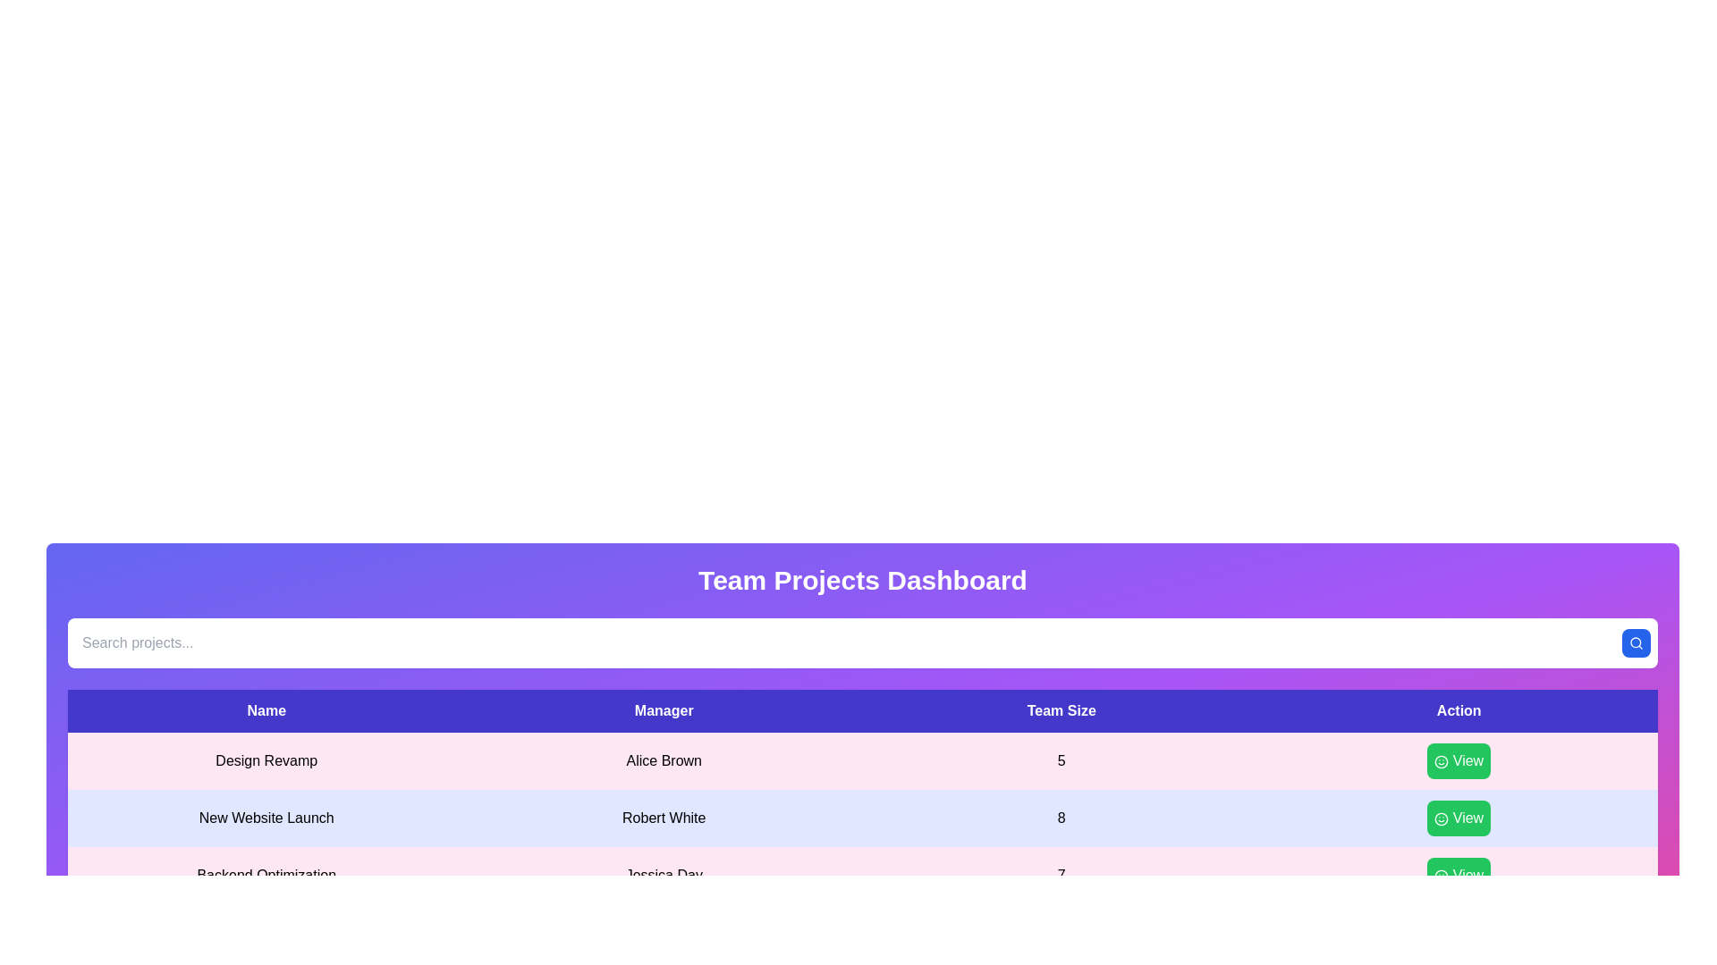  What do you see at coordinates (1061, 761) in the screenshot?
I see `the text displaying the number '5', which is centered in the 'Team Size' column of the data table, located between 'Alice Brown' and a 'View' button` at bounding box center [1061, 761].